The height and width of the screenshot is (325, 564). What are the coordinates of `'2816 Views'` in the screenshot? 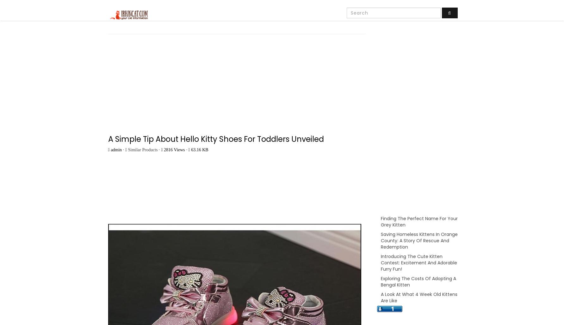 It's located at (162, 150).